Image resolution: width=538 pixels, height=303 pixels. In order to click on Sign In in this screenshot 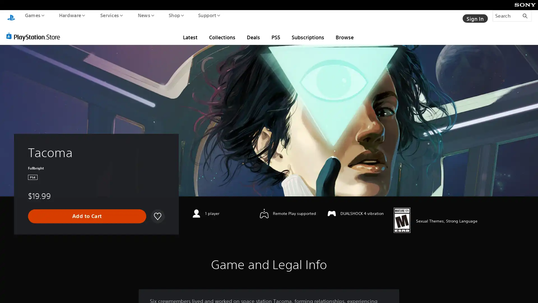, I will do `click(474, 15)`.